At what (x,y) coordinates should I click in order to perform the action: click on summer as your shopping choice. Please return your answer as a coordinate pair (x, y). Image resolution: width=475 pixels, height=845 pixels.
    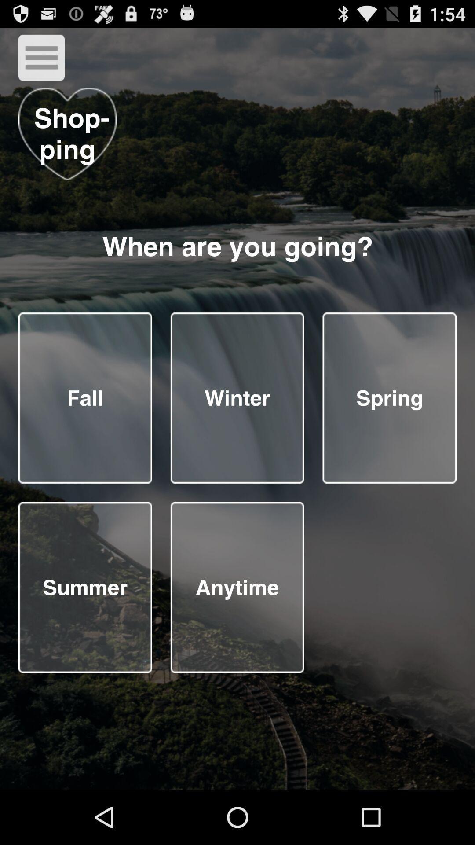
    Looking at the image, I should click on (85, 587).